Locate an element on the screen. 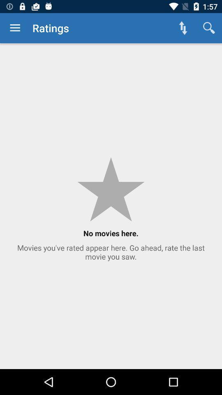  the item above the movies you ve is located at coordinates (183, 28).